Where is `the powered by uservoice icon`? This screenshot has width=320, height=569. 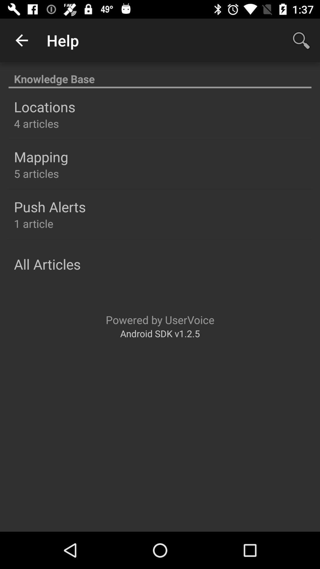
the powered by uservoice icon is located at coordinates (160, 319).